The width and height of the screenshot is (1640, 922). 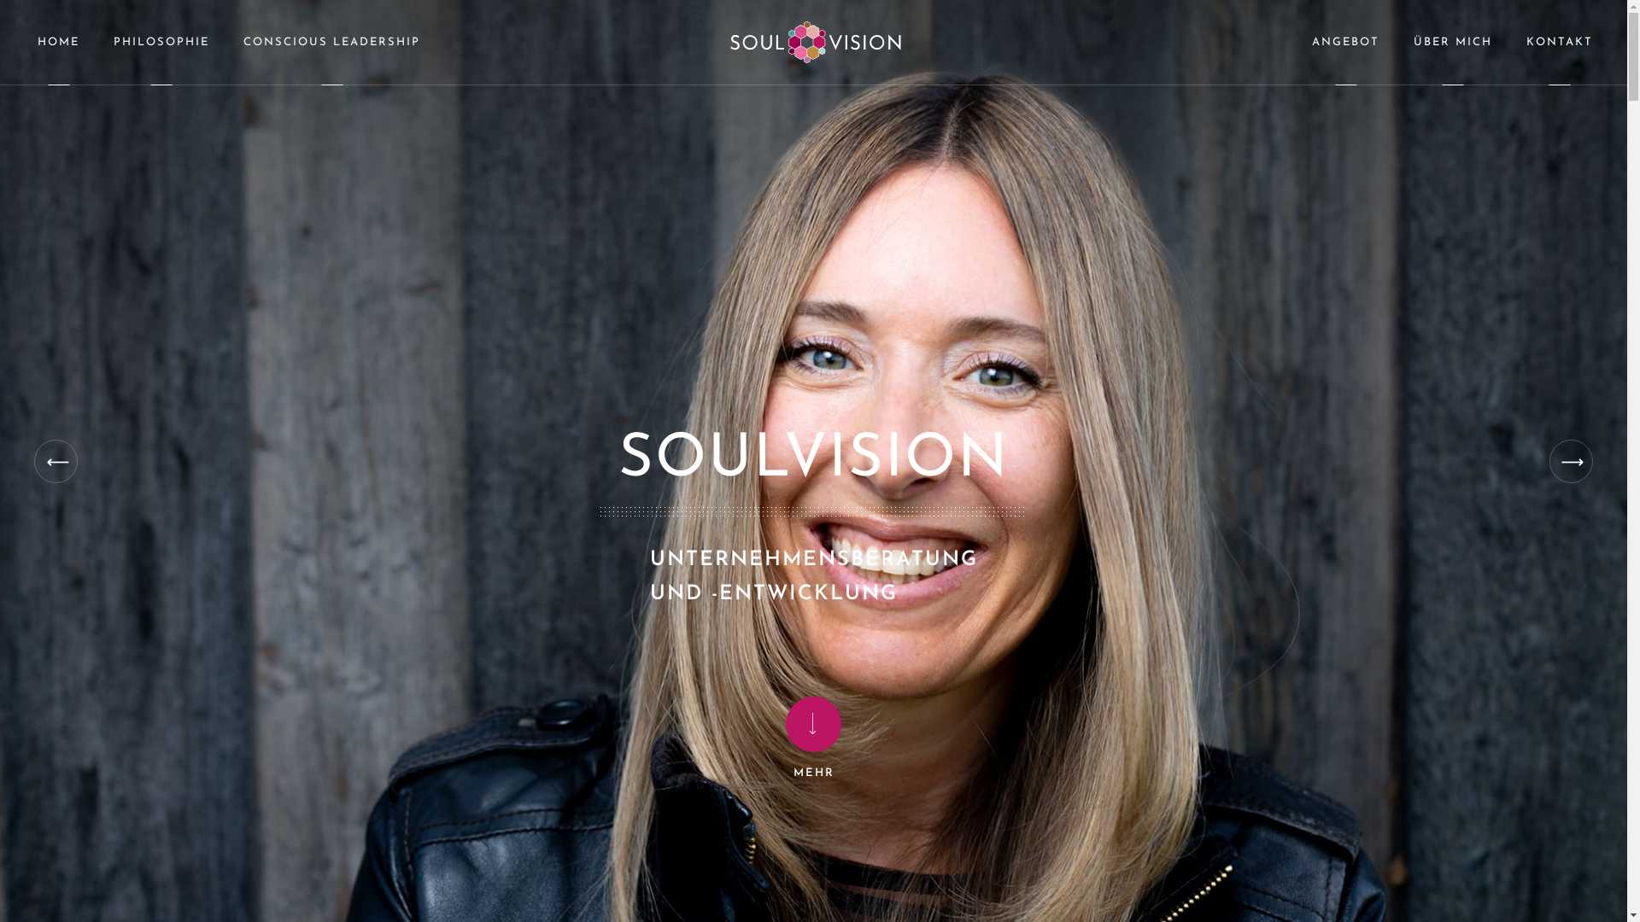 I want to click on 'ANGEBOT', so click(x=1344, y=41).